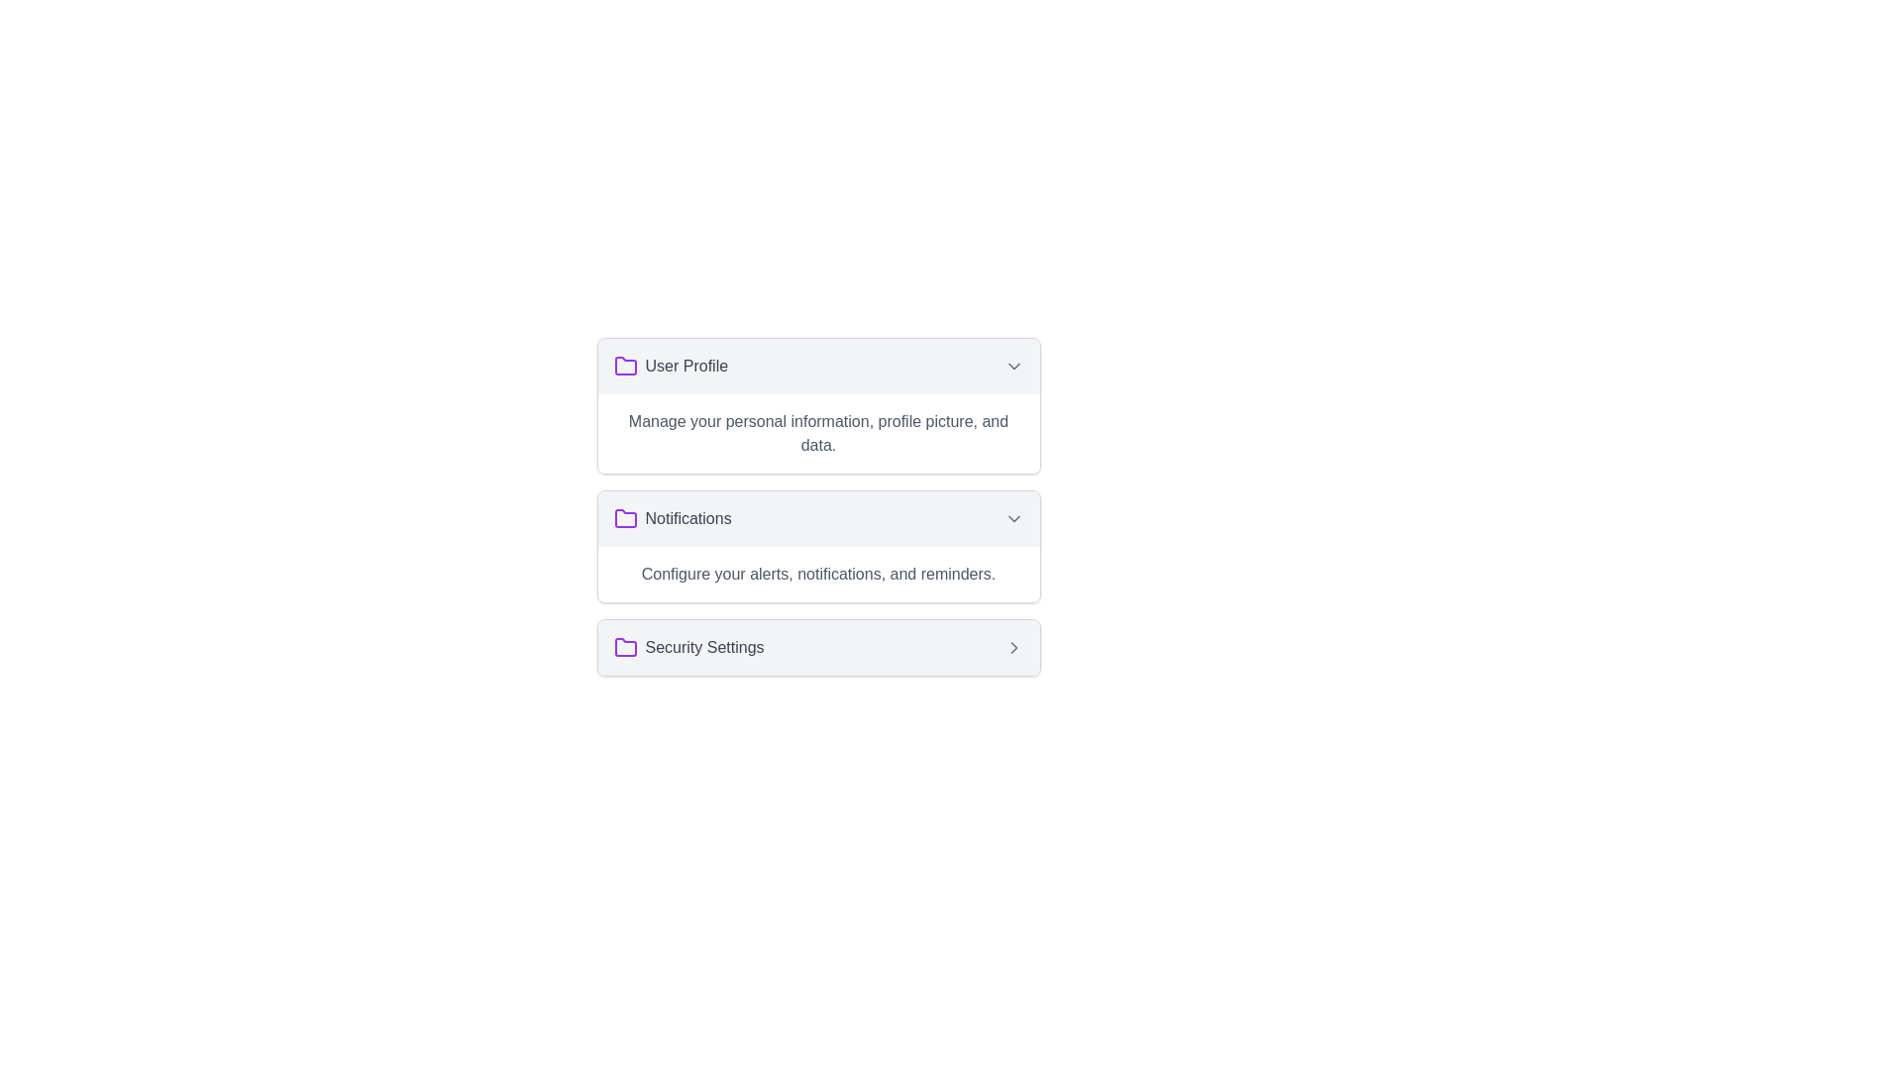 The height and width of the screenshot is (1070, 1902). What do you see at coordinates (624, 366) in the screenshot?
I see `the folder icon with a purple outline located in the first row of the User Profile settings block` at bounding box center [624, 366].